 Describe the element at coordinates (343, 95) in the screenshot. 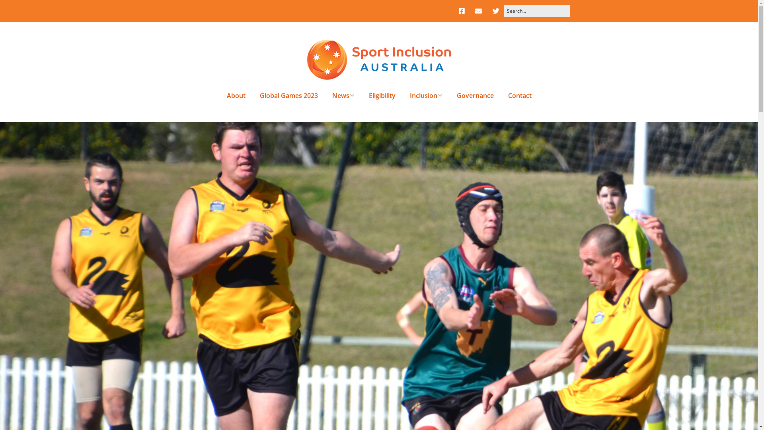

I see `'News'` at that location.